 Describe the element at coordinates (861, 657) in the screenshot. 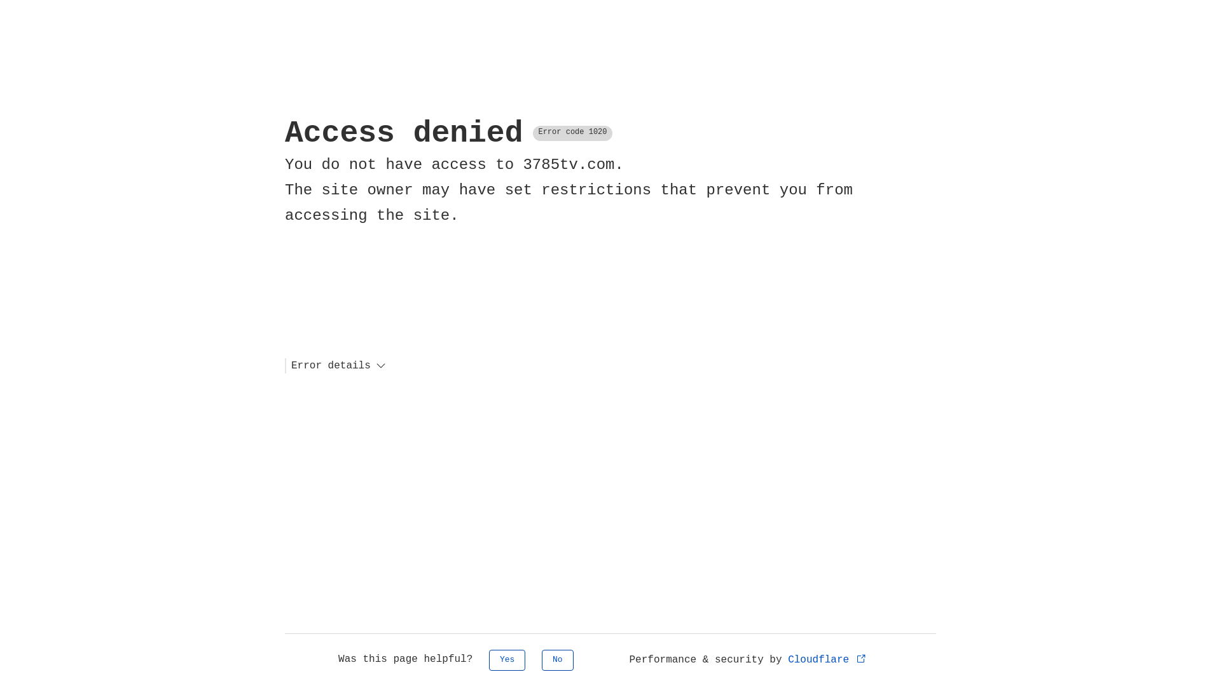

I see `'Opens in new tab'` at that location.